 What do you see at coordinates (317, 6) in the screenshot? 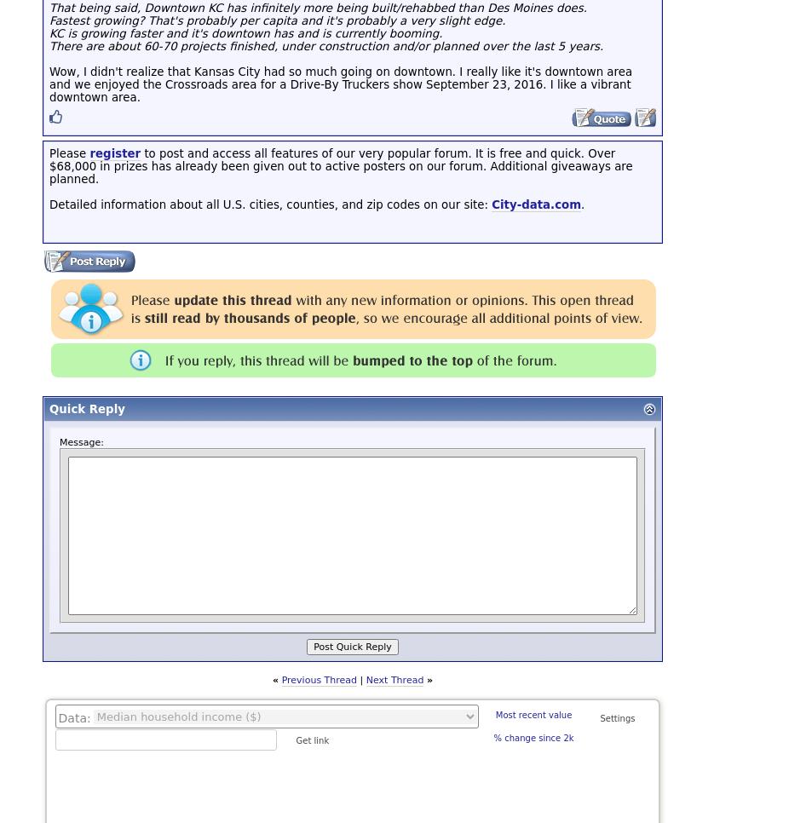
I see `'That being said, Downtown KC has infinitely more being built/rehabbed than Des Moines does.'` at bounding box center [317, 6].